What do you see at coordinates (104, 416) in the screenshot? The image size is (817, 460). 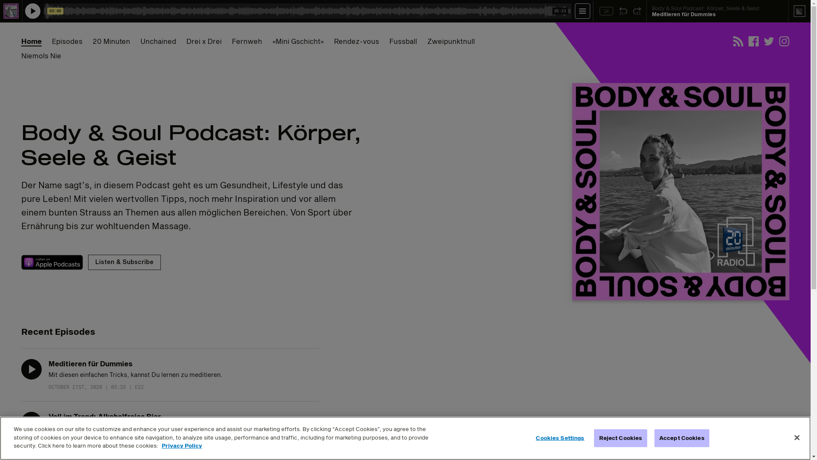 I see `'Voll im Trend: Alkoholfreies Bier'` at bounding box center [104, 416].